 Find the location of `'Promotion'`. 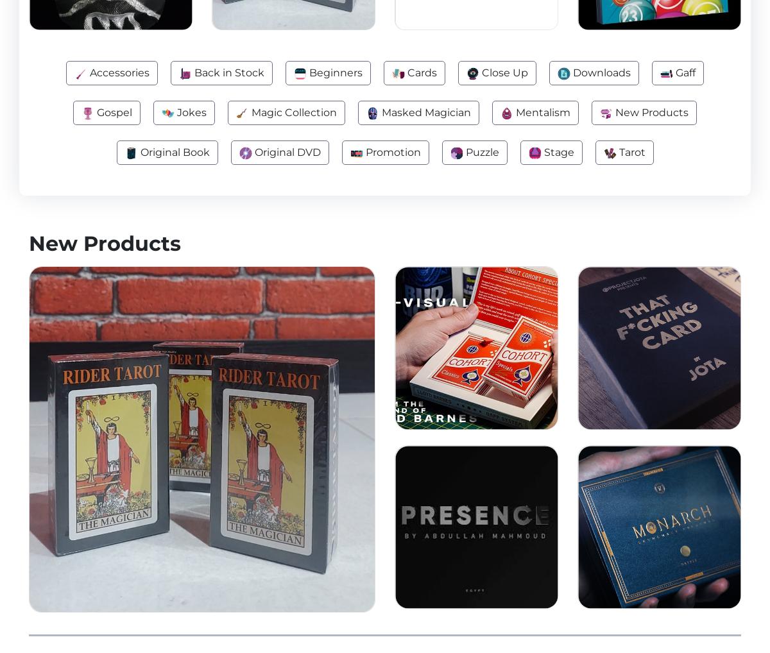

'Promotion' is located at coordinates (391, 151).